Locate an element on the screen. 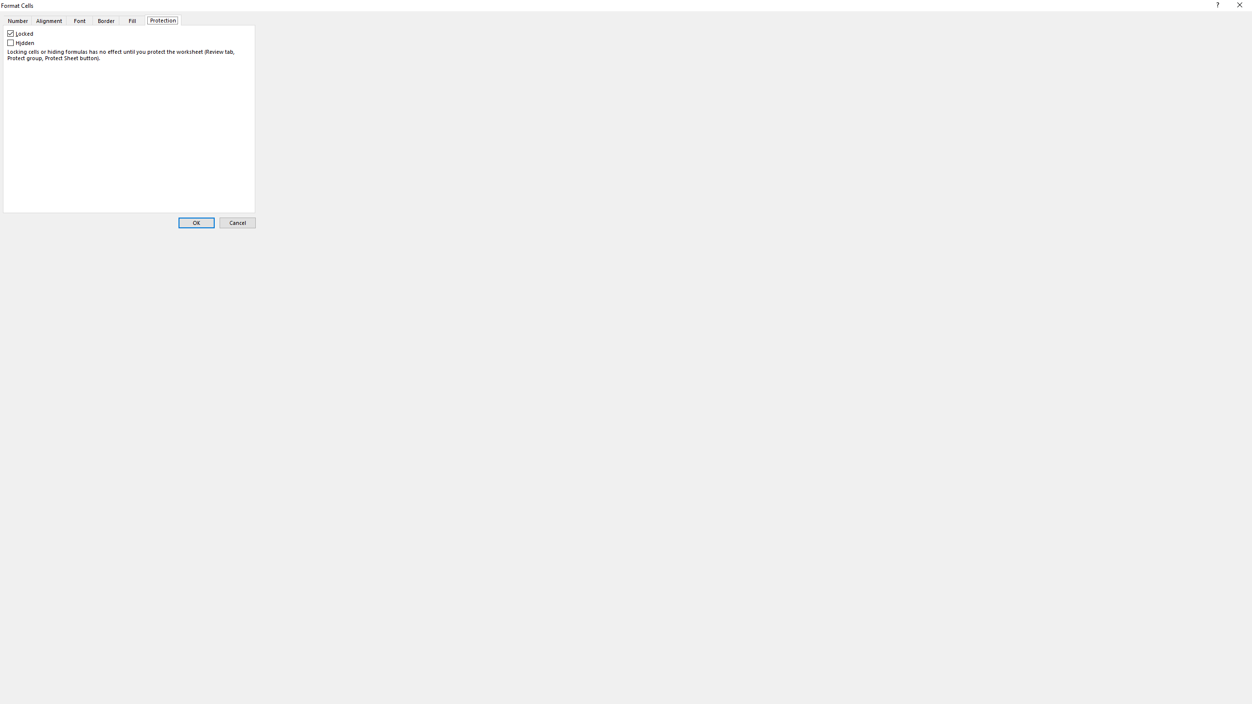 This screenshot has width=1252, height=704. 'Fill' is located at coordinates (132, 20).